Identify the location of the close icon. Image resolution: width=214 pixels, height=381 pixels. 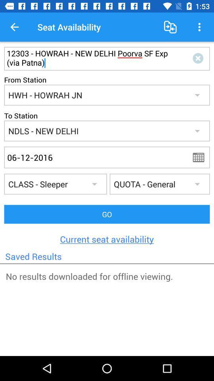
(199, 58).